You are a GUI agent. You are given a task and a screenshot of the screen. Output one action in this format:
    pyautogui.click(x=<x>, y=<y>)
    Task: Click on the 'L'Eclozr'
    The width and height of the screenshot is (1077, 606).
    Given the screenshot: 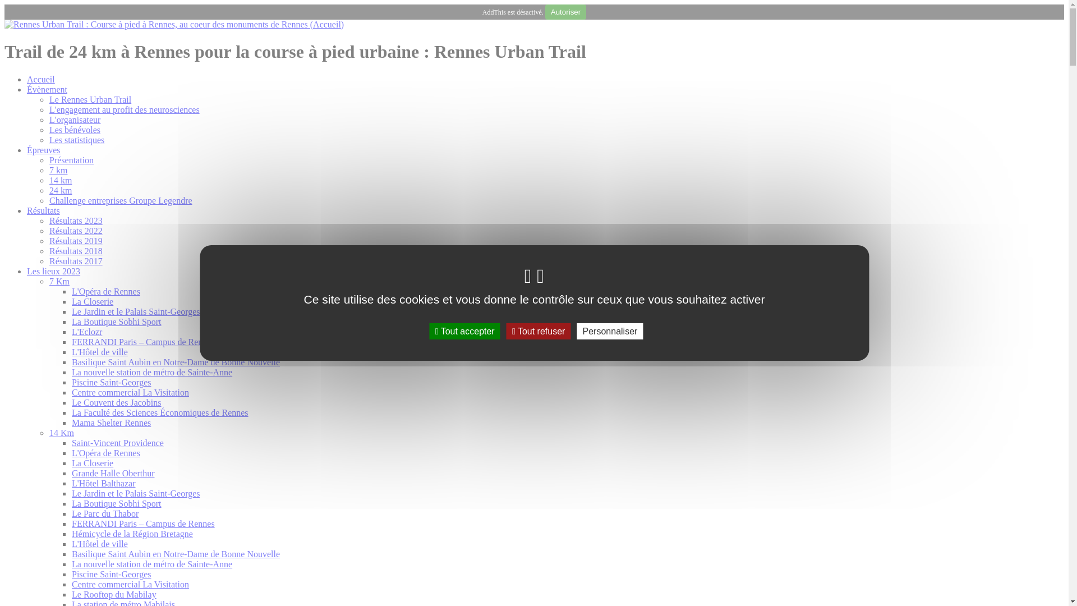 What is the action you would take?
    pyautogui.click(x=86, y=331)
    